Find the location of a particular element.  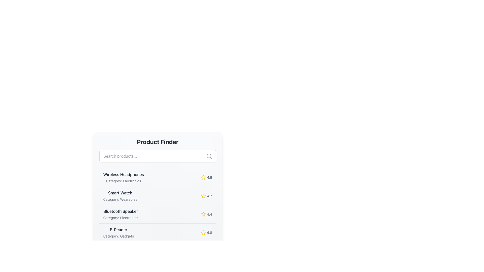

the static text label that reads 'Category: Gadgets', located below the title 'E-Reader' in the fourth list item of the product catalog is located at coordinates (118, 236).